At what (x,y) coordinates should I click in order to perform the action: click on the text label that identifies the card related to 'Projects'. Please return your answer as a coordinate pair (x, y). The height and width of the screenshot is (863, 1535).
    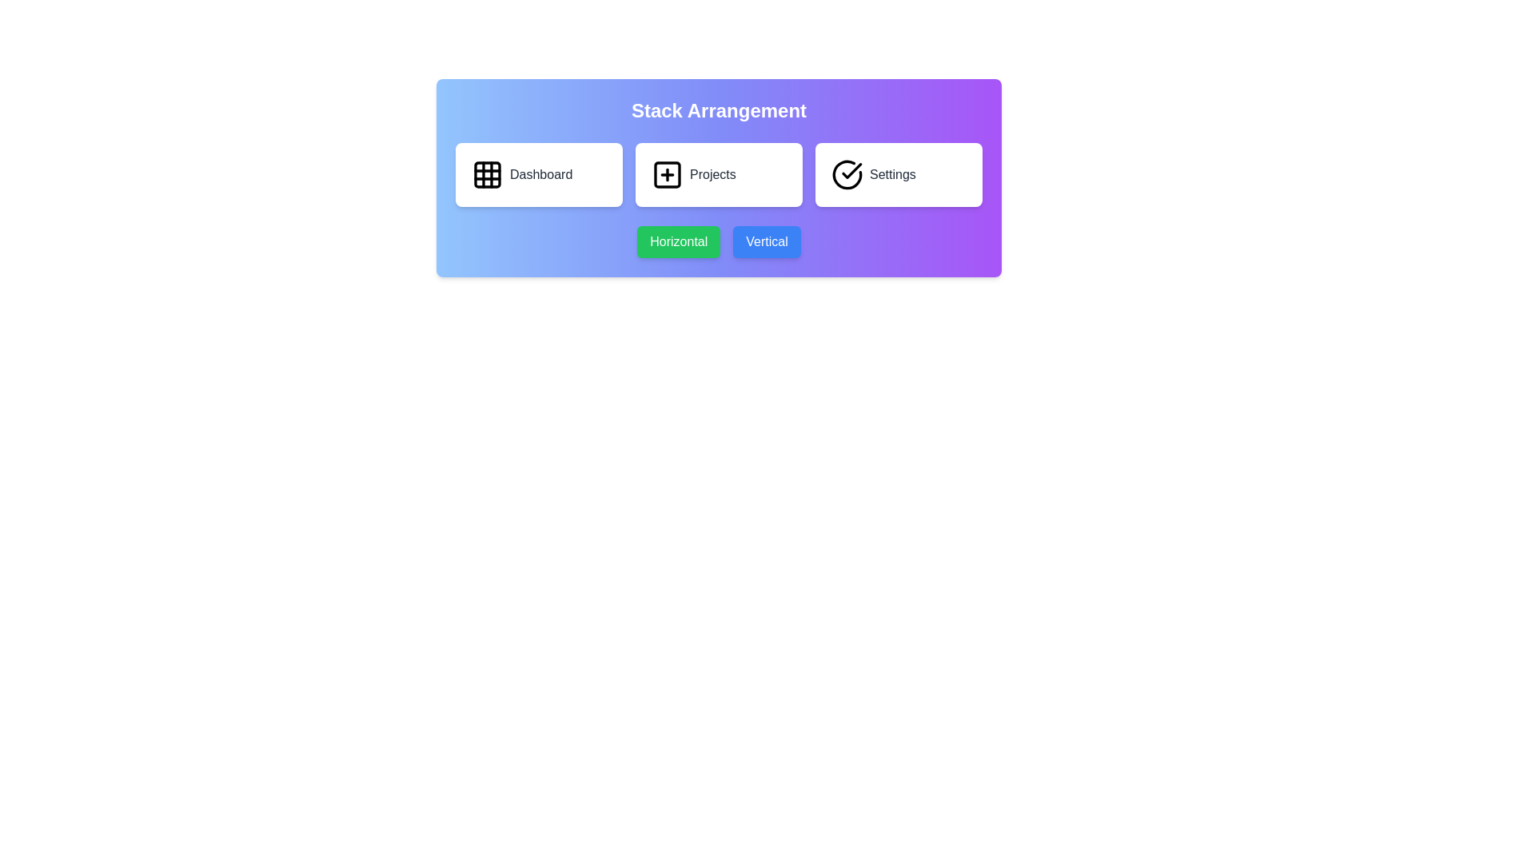
    Looking at the image, I should click on (712, 175).